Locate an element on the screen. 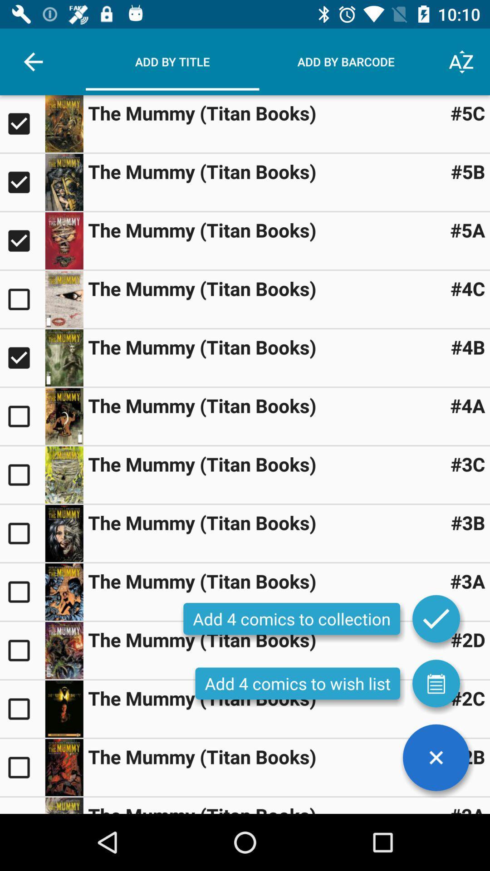  open book is located at coordinates (64, 767).